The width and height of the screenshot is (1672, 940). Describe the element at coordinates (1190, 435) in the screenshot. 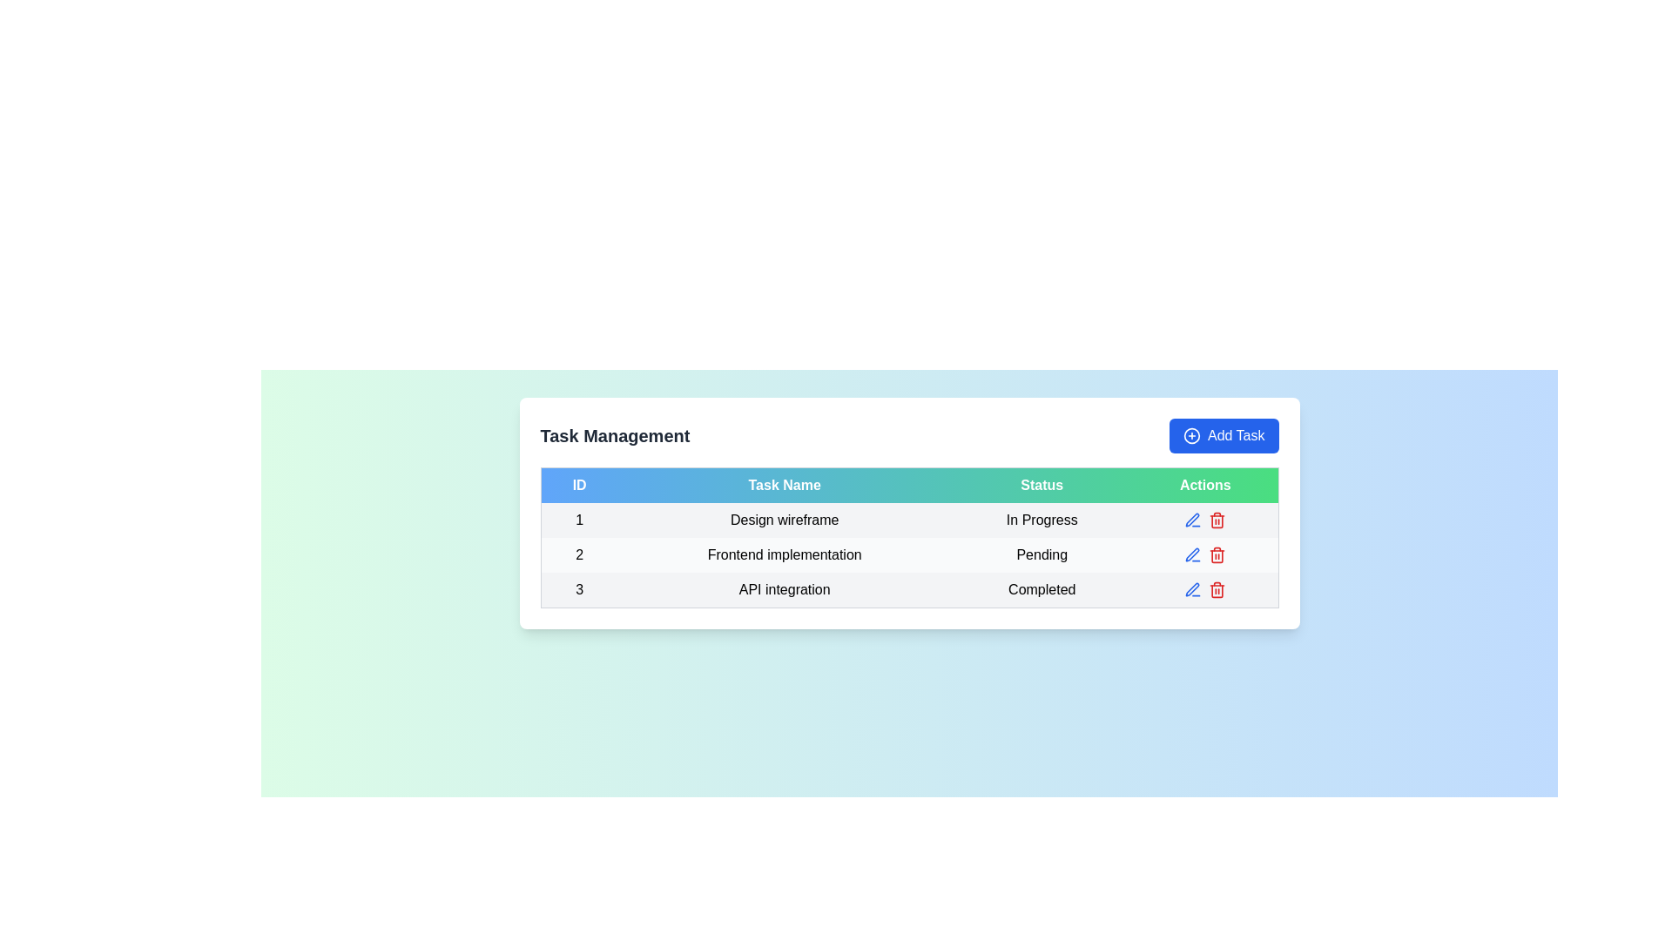

I see `the circular SVG button styled as a plus sign located within the 'Add Task' button in the top-right corner of the task management interface` at that location.